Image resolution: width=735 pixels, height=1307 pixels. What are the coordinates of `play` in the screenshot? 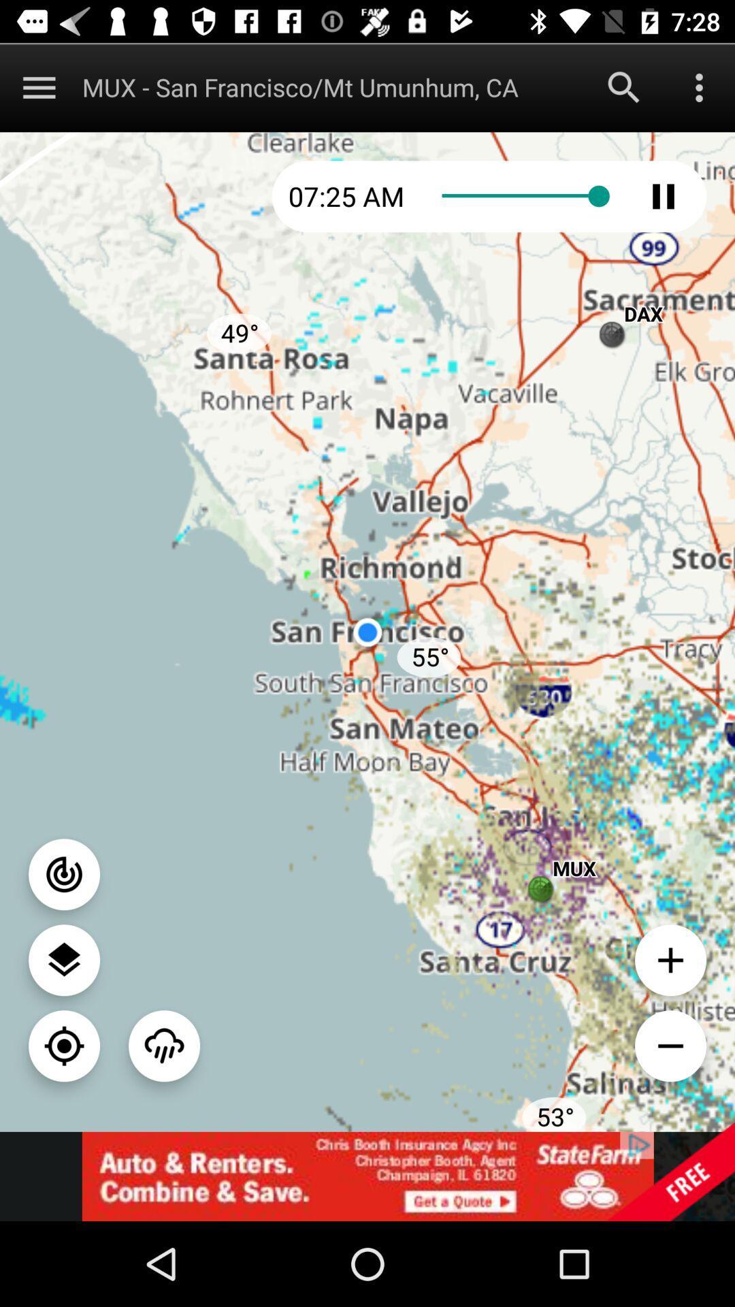 It's located at (663, 195).